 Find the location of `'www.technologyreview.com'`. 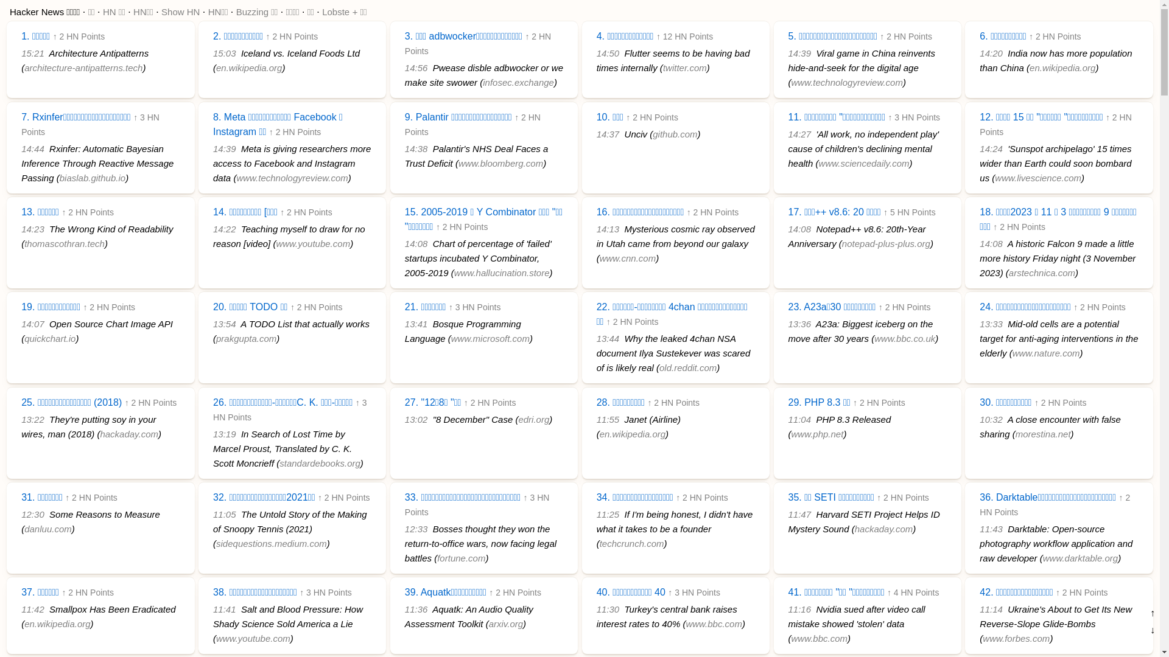

'www.technologyreview.com' is located at coordinates (291, 178).